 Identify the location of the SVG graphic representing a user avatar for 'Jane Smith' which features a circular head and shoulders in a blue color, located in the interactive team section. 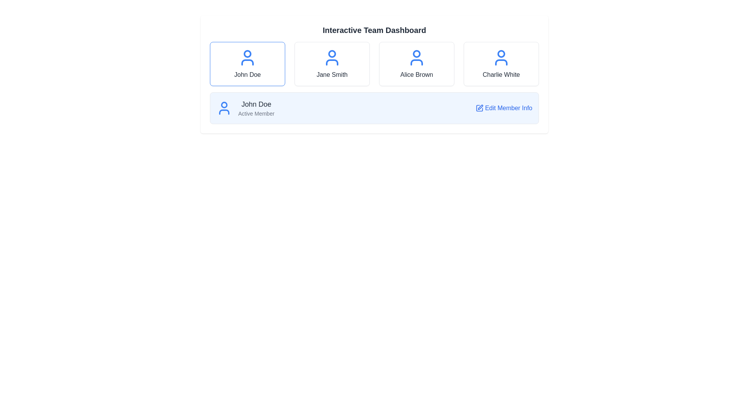
(332, 57).